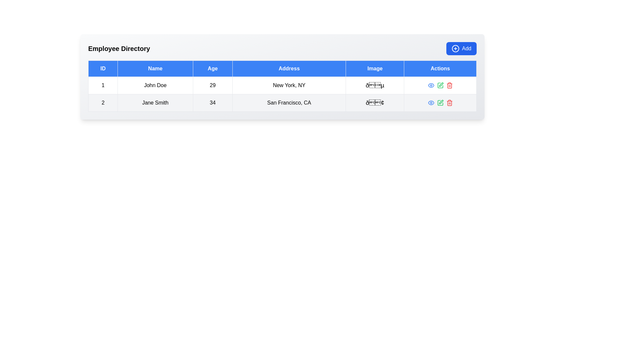 This screenshot has width=632, height=355. Describe the element at coordinates (155, 103) in the screenshot. I see `the text display element showing 'Jane Smith' in the 'Name' column of the second row` at that location.